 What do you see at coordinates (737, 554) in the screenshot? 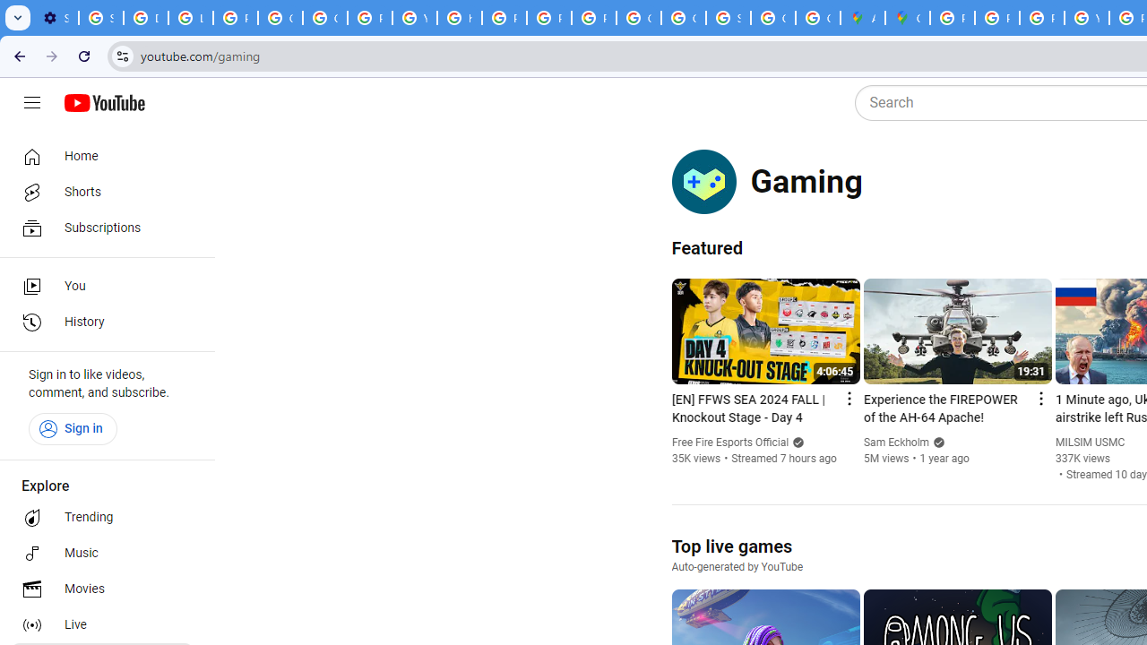
I see `'Top live games Auto-generated by YouTube'` at bounding box center [737, 554].